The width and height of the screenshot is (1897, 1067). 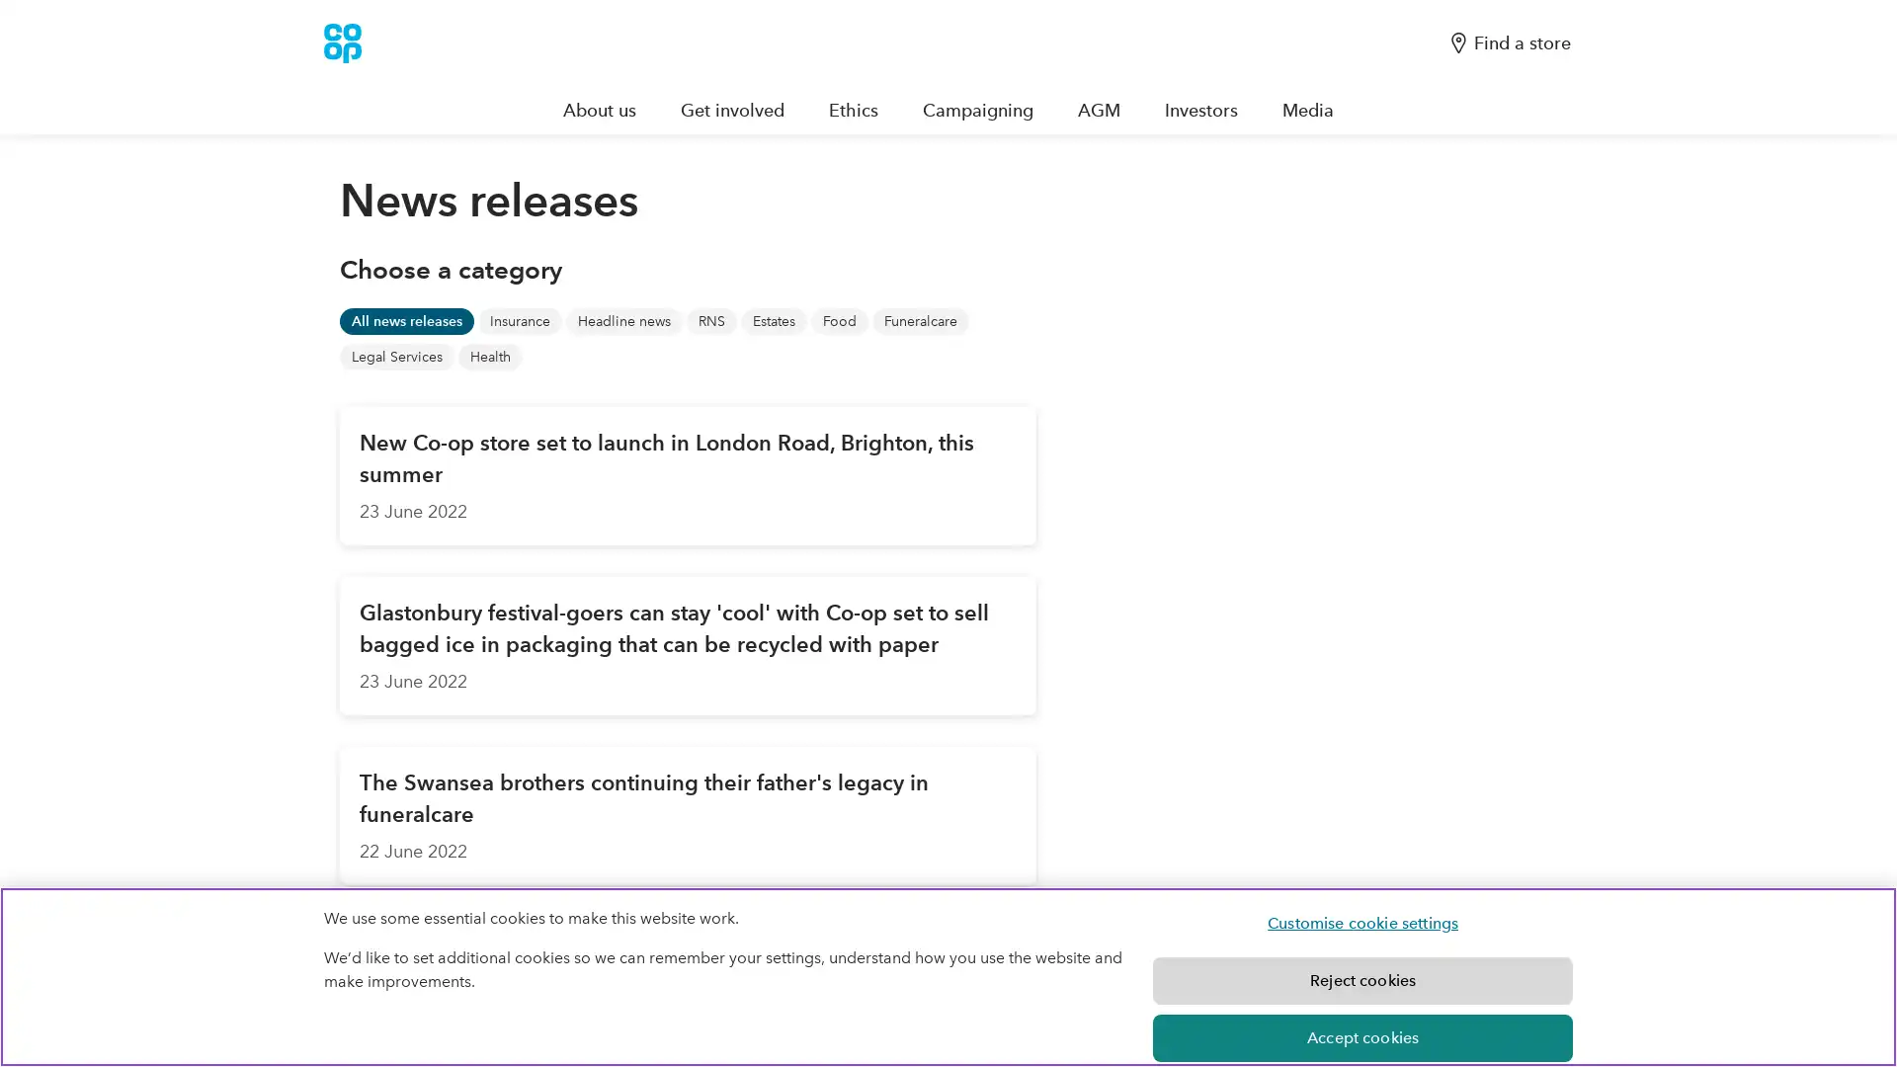 What do you see at coordinates (1361, 980) in the screenshot?
I see `Reject cookies` at bounding box center [1361, 980].